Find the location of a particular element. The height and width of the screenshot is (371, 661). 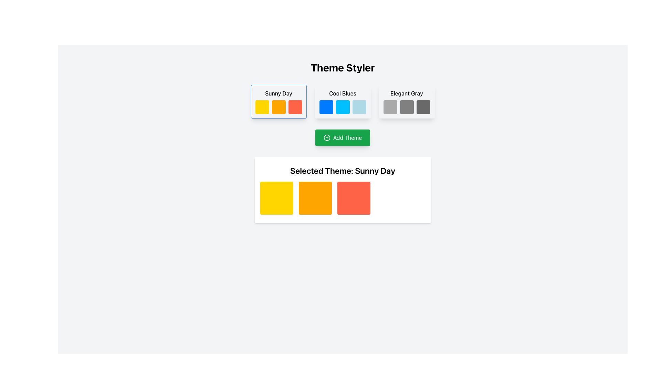

the blue button in the 'Cool Blues' theme group is located at coordinates (343, 102).